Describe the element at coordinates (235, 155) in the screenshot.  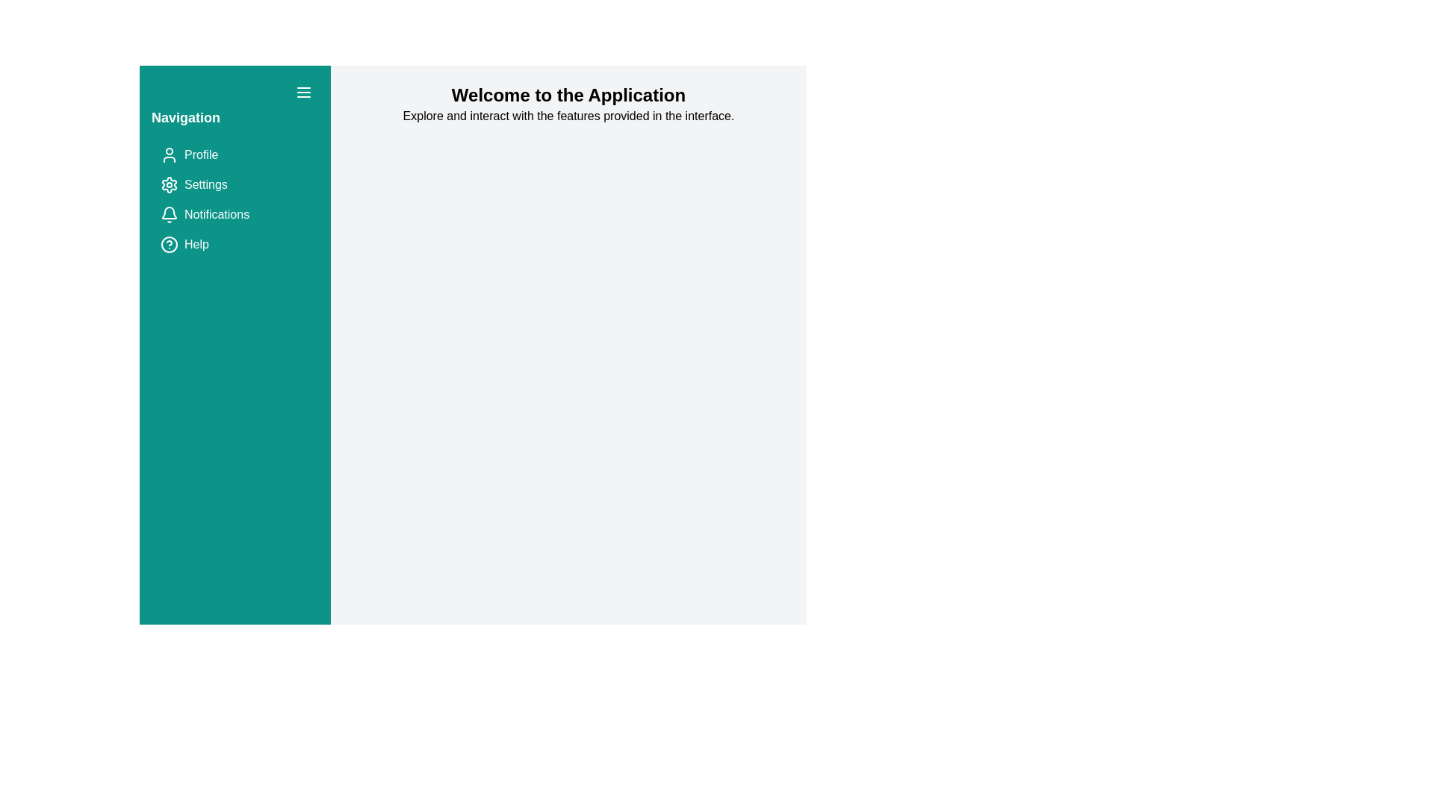
I see `the navigation item Profile to navigate to the respective section` at that location.